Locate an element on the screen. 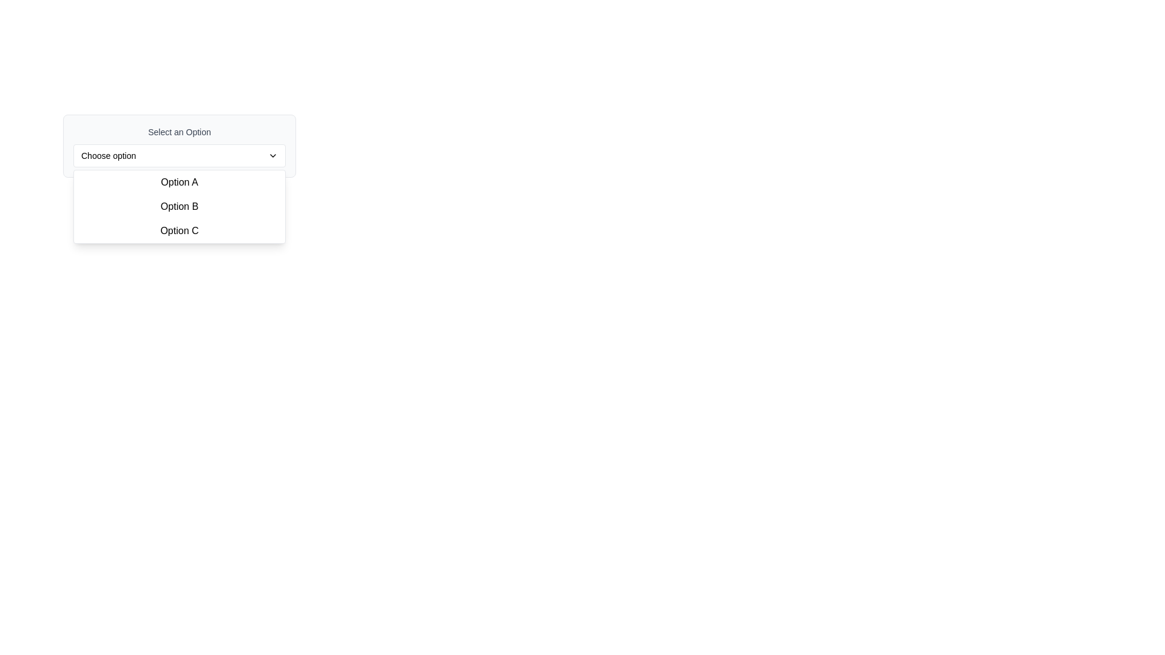  the first option in the dropdown menu labeled 'Option A' is located at coordinates (179, 182).